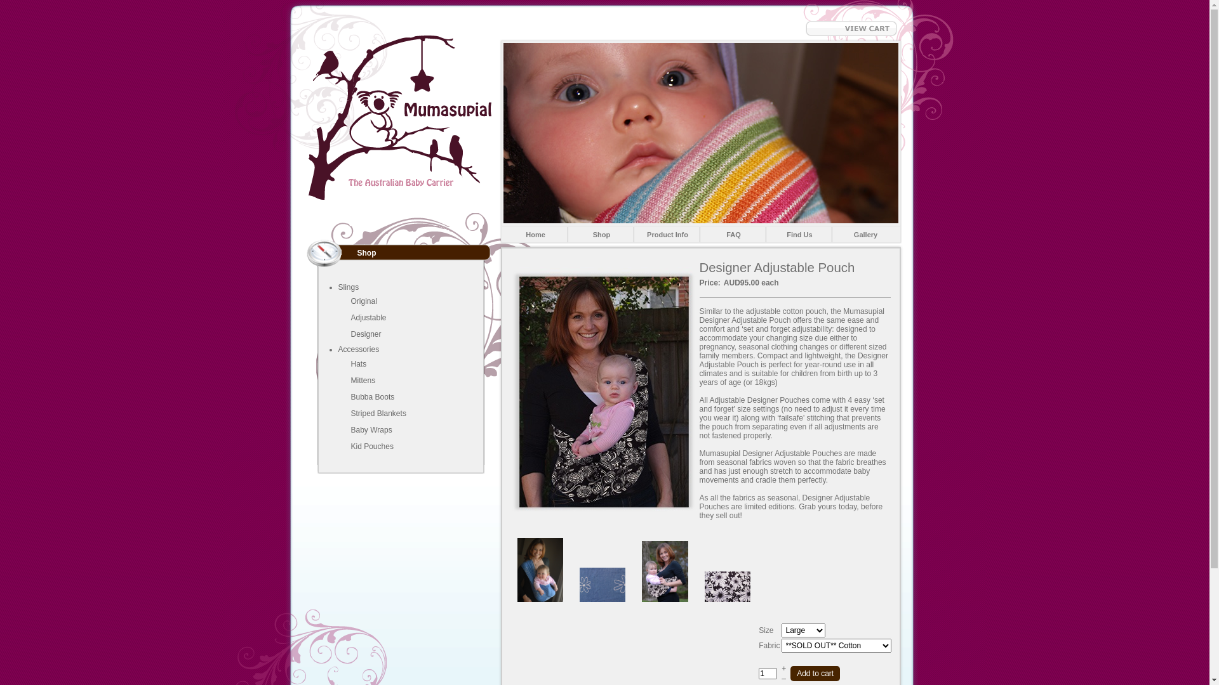 The image size is (1219, 685). I want to click on 'Striped Blankets', so click(377, 413).